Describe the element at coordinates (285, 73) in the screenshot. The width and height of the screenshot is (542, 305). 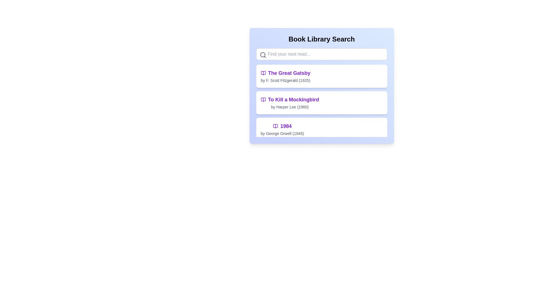
I see `the text label titled 'The Great Gatsby' located in the book search interface, which is the first title in the vertical list of book titles` at that location.